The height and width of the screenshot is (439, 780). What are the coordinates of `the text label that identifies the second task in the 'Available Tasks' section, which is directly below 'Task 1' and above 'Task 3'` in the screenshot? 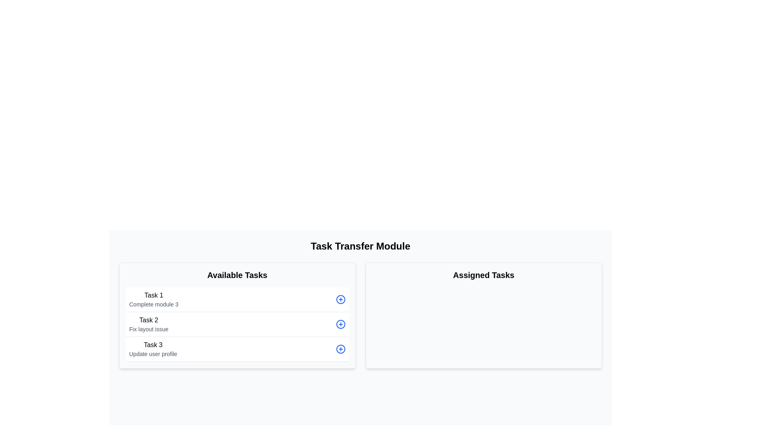 It's located at (149, 319).